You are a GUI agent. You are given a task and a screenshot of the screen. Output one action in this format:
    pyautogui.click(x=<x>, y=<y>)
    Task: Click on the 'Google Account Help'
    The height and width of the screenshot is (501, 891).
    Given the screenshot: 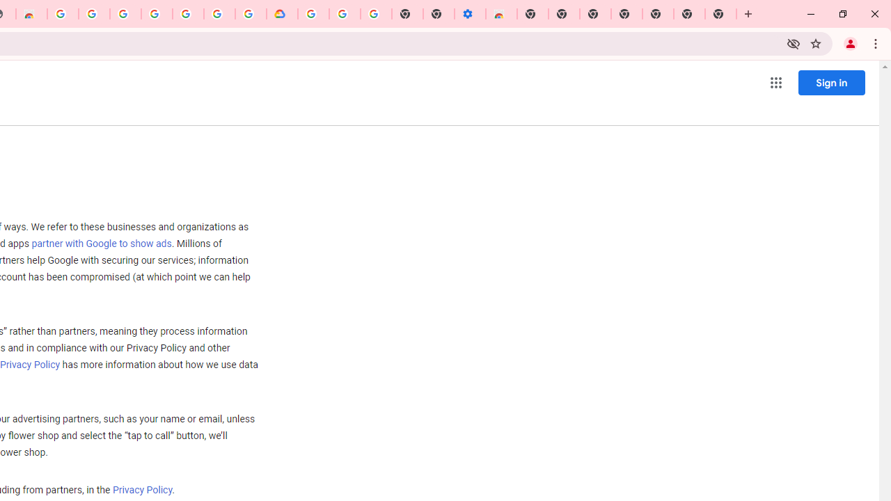 What is the action you would take?
    pyautogui.click(x=345, y=14)
    